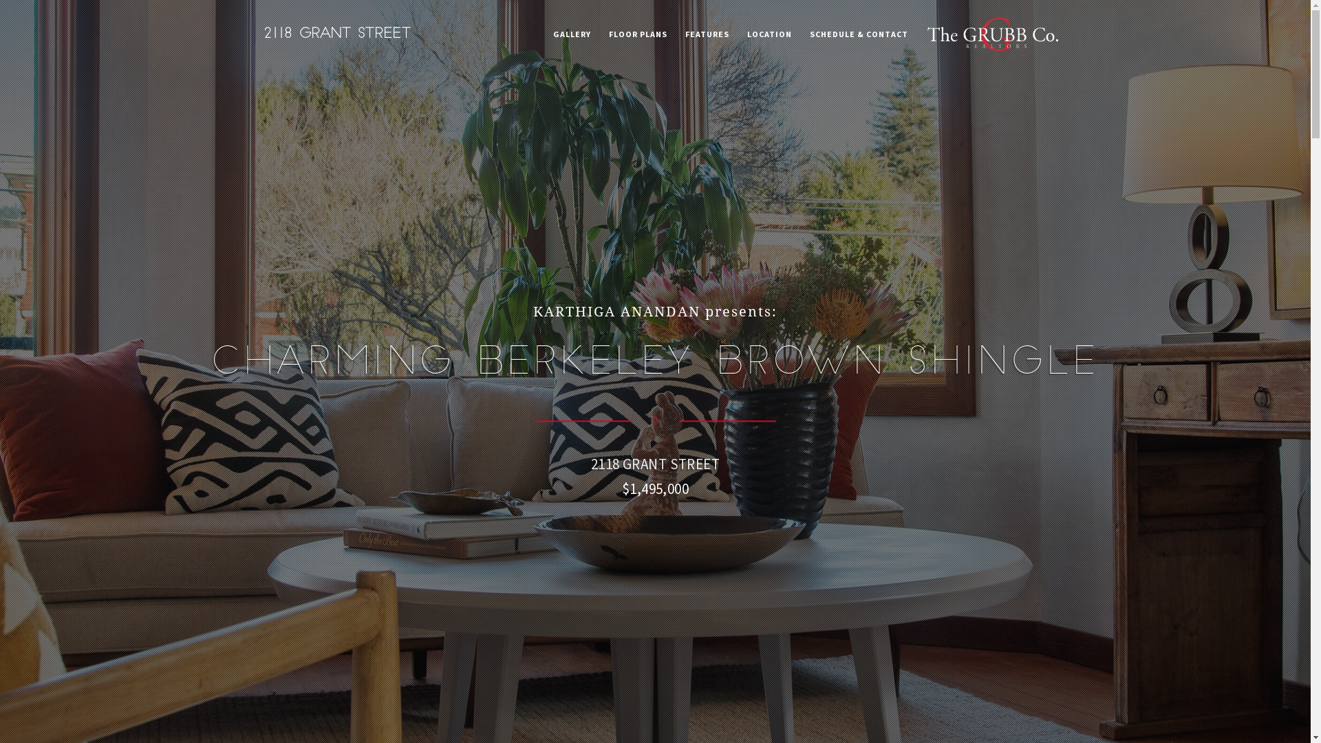 This screenshot has width=1321, height=743. I want to click on 'LOCATION', so click(739, 34).